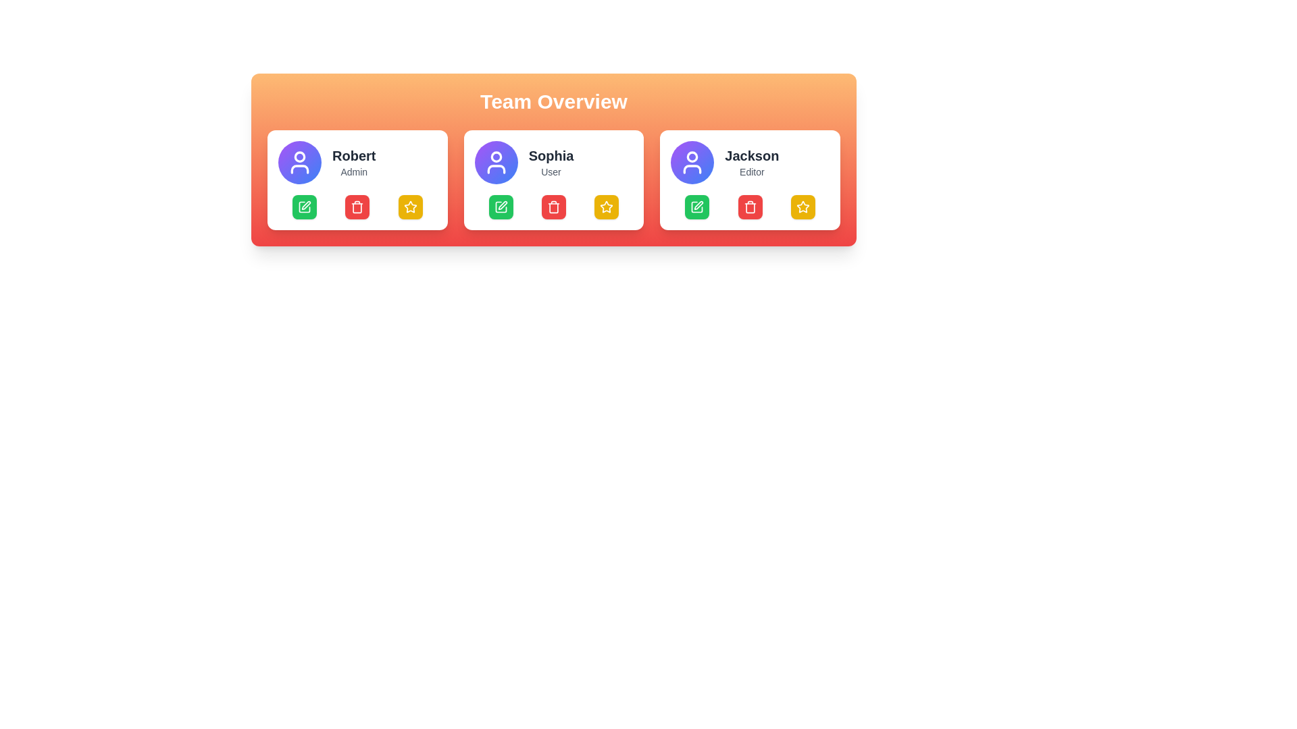  What do you see at coordinates (698, 205) in the screenshot?
I see `the far-left icon in the lower row of the user card associated with 'Jackson'` at bounding box center [698, 205].